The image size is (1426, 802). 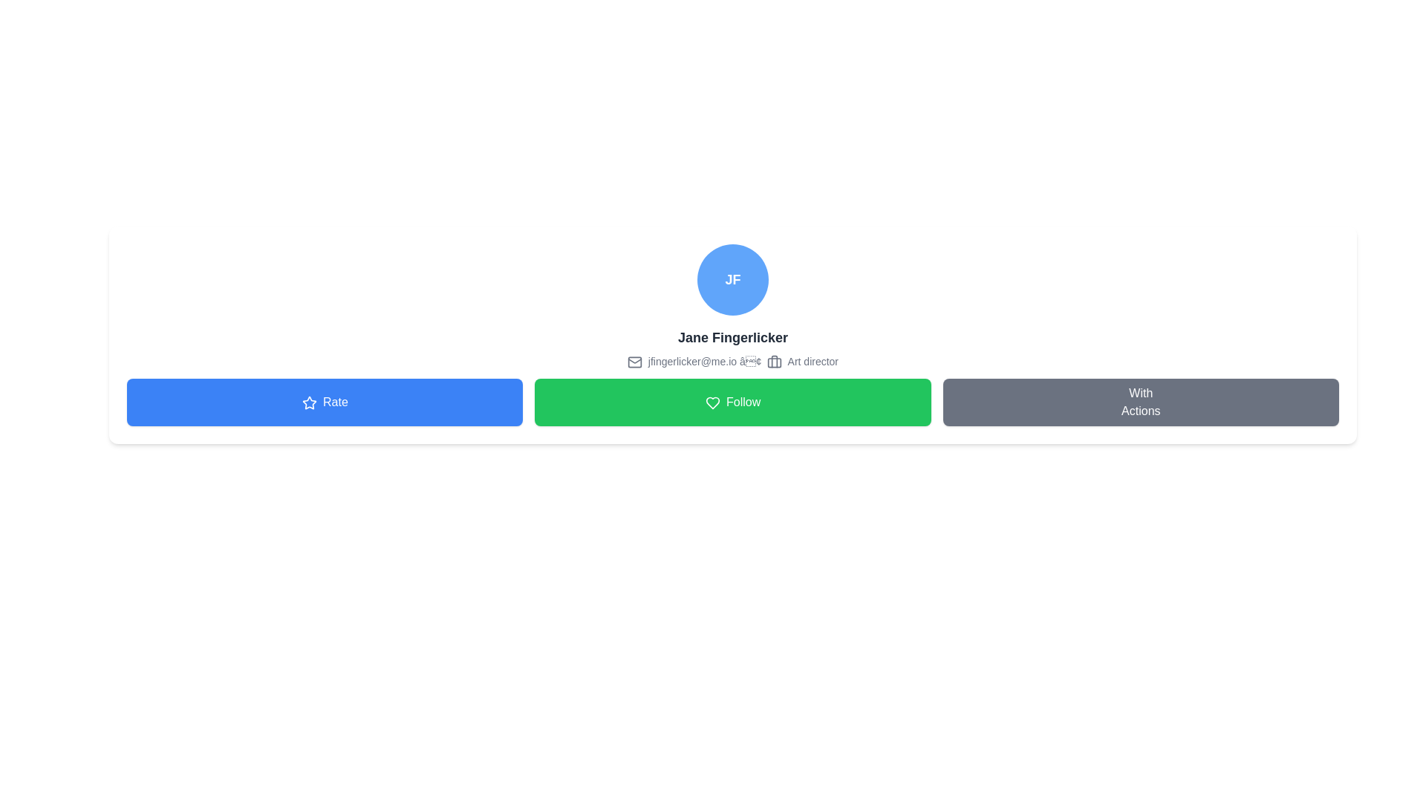 What do you see at coordinates (774, 362) in the screenshot?
I see `the small briefcase icon, which is a gray SVG illustration located in the middle-right section of the text description area, following the email icon and preceding the text 'Art director'` at bounding box center [774, 362].